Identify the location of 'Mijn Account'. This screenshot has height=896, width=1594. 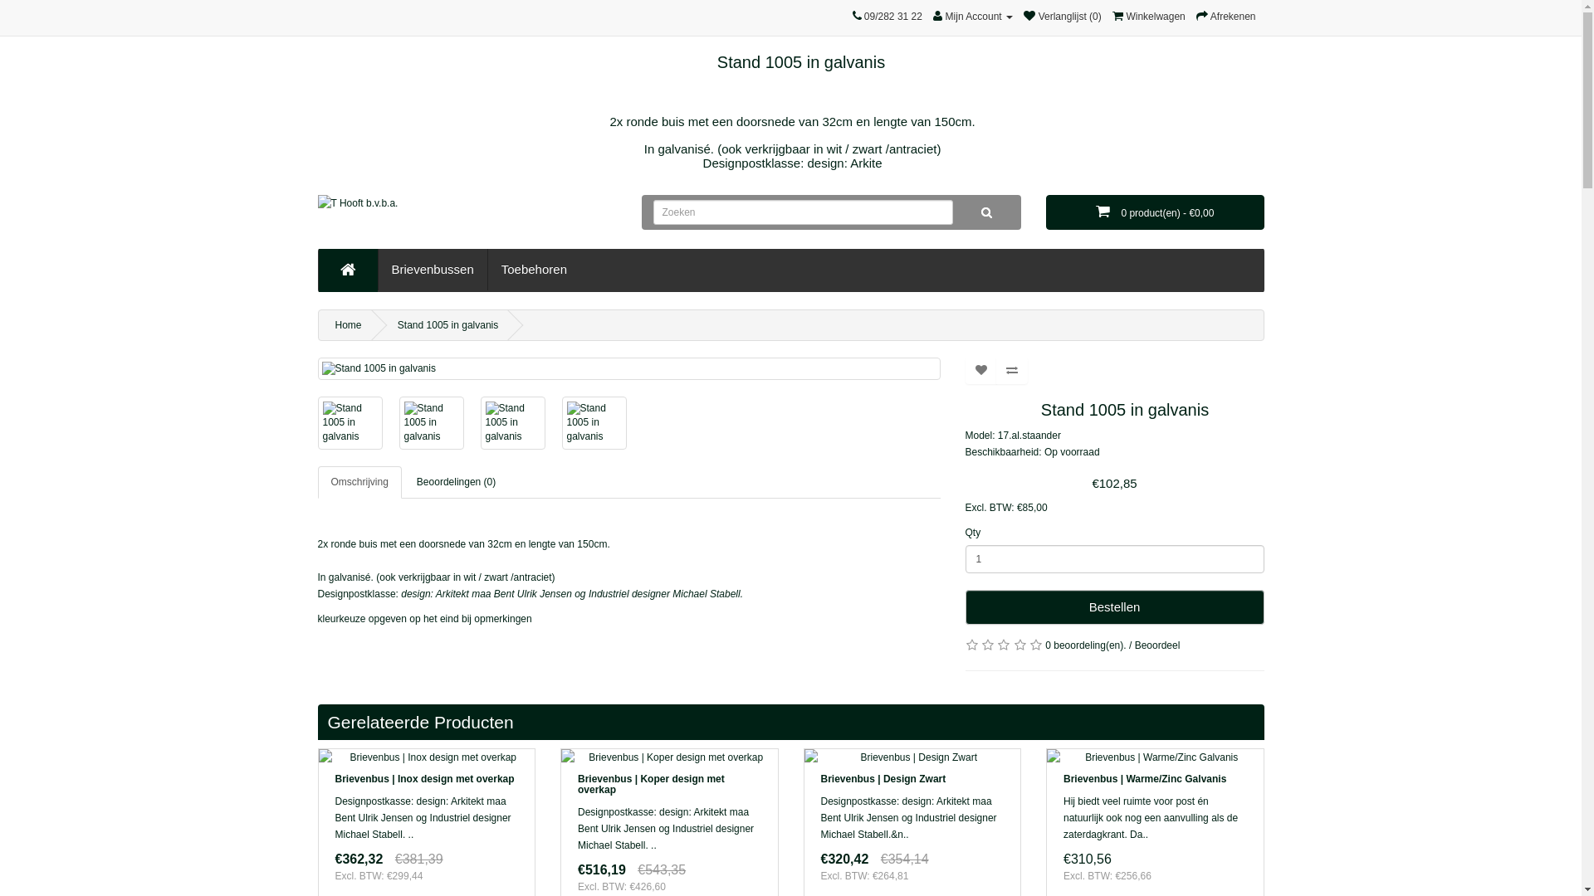
(972, 16).